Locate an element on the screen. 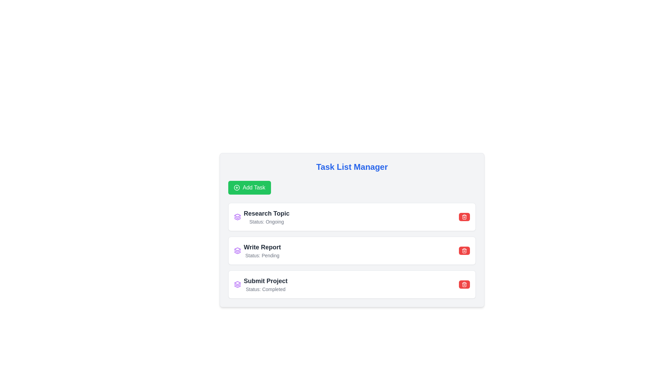  the delete button located at the top-right corner of the 'Submit Project' card is located at coordinates (464, 284).